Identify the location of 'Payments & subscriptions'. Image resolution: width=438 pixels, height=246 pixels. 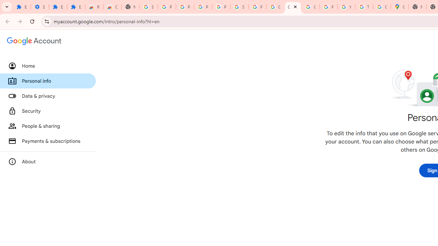
(48, 140).